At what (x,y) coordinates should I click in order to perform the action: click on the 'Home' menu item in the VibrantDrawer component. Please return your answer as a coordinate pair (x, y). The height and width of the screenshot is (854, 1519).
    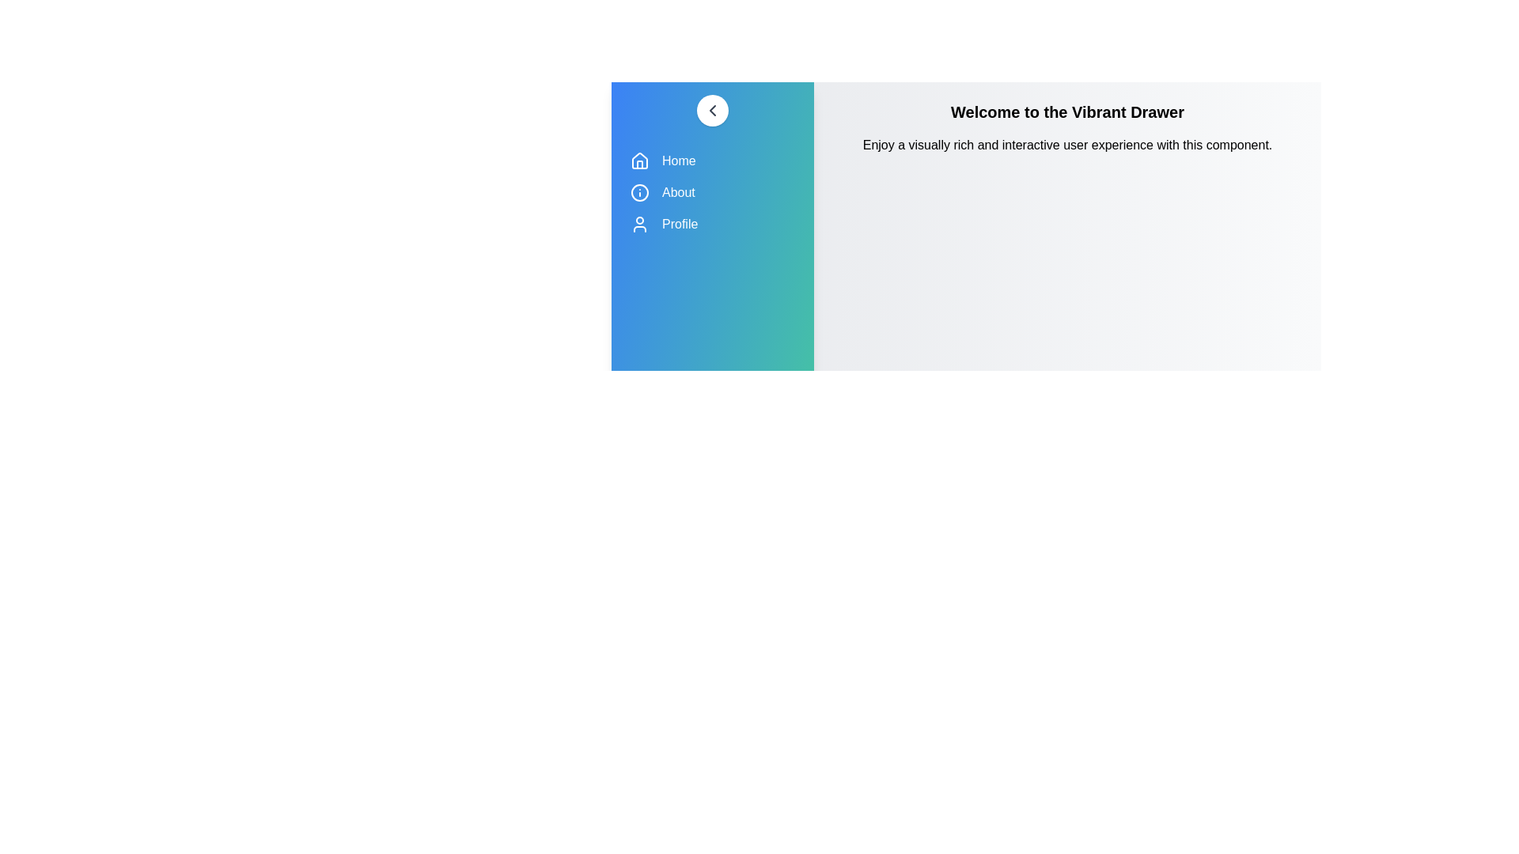
    Looking at the image, I should click on (712, 161).